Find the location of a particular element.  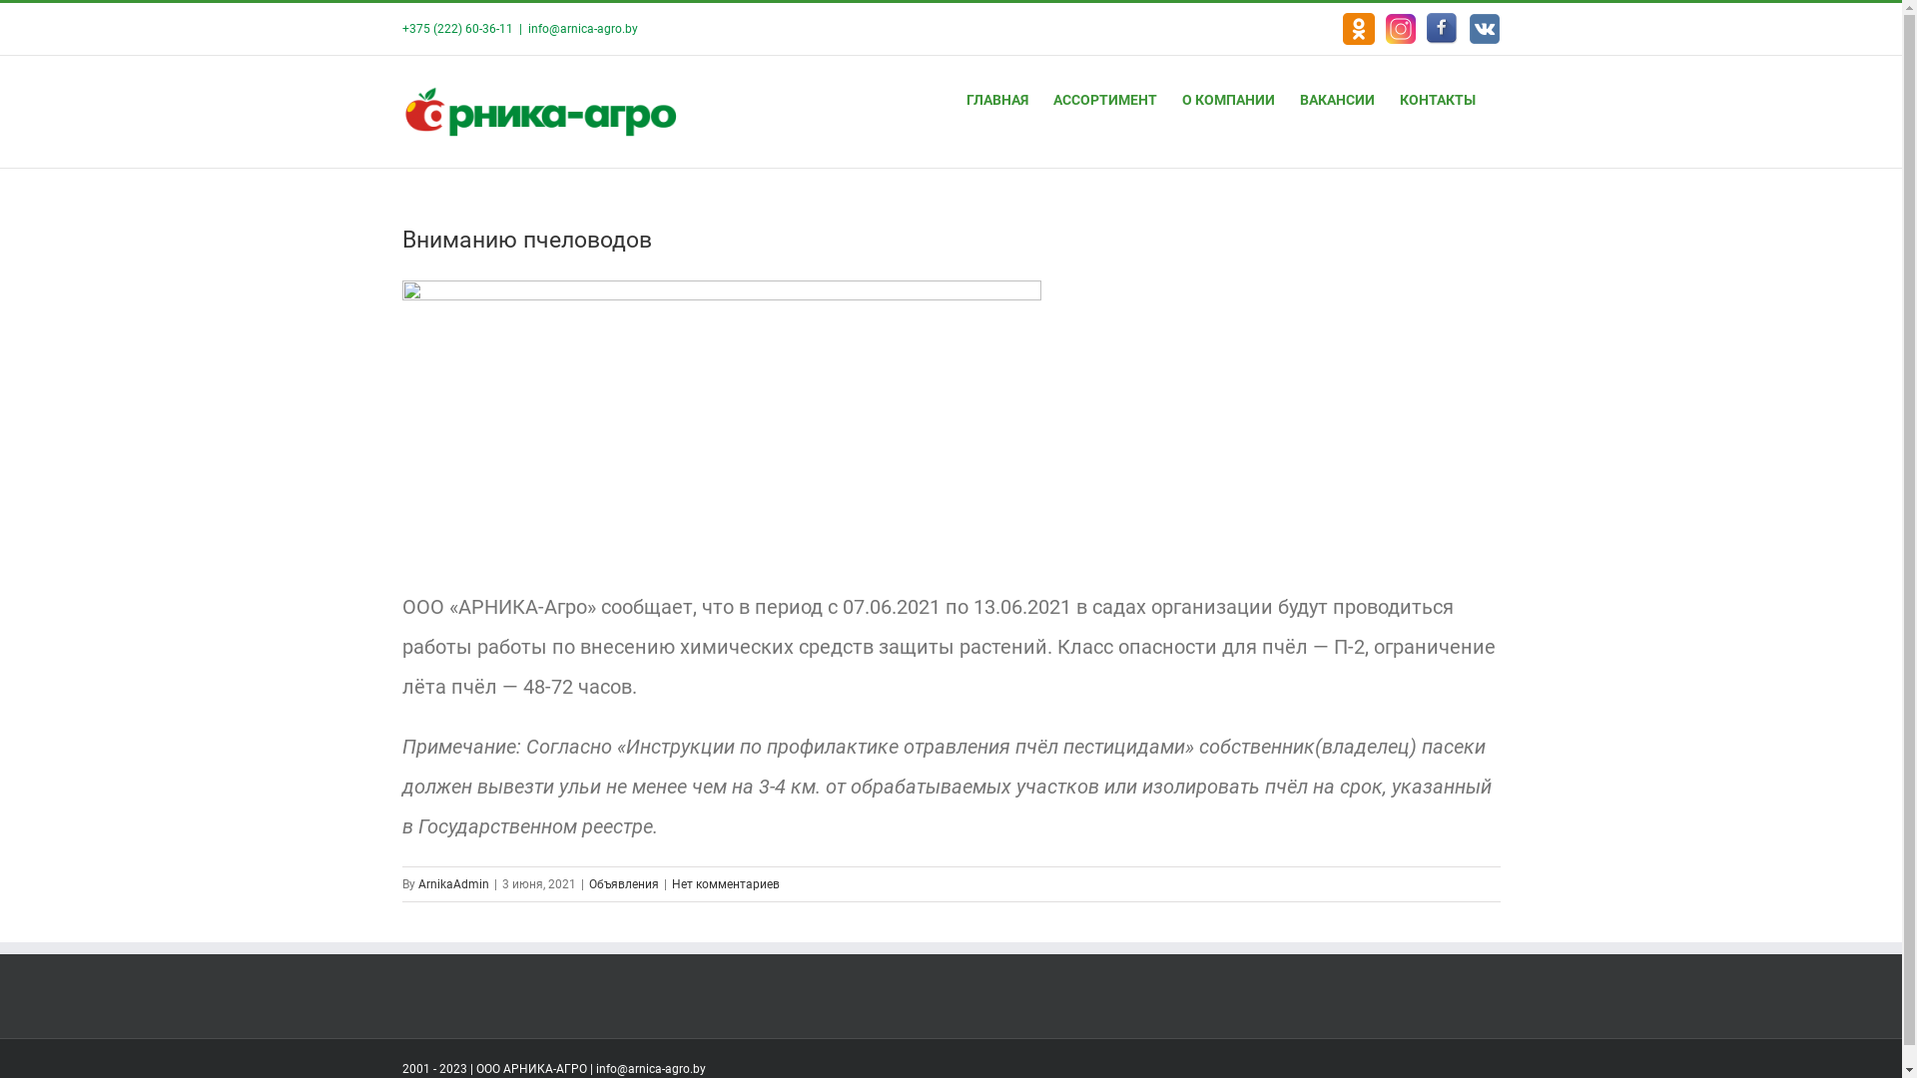

'Facebook' is located at coordinates (1442, 29).